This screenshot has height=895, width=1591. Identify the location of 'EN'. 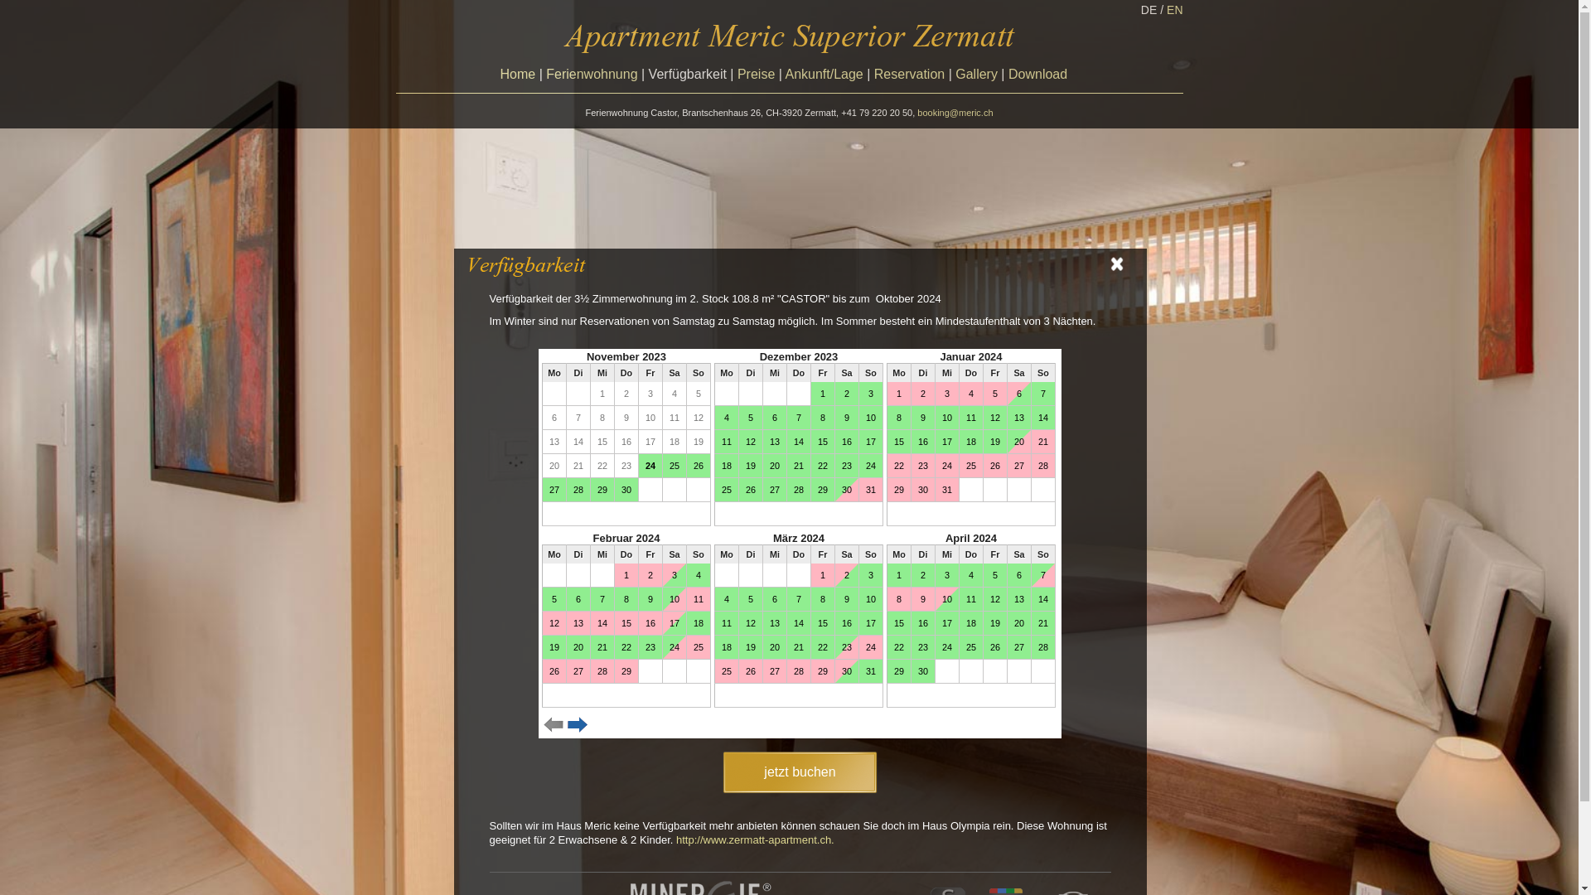
(1173, 9).